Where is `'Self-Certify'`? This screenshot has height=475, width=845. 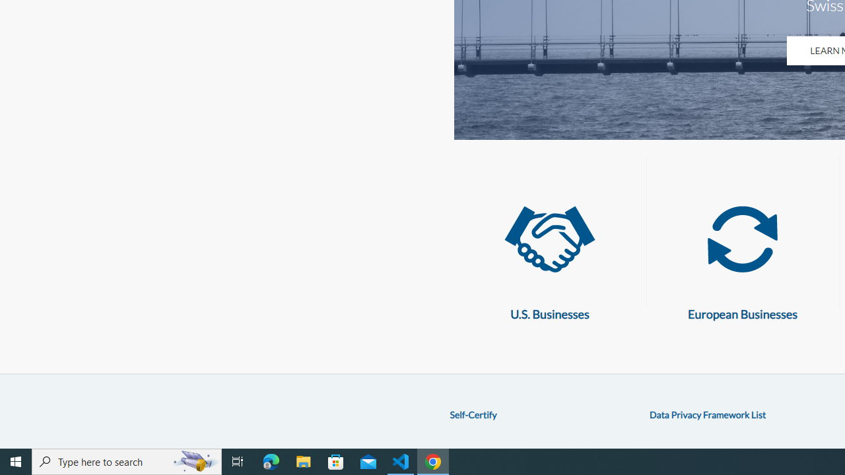 'Self-Certify' is located at coordinates (473, 414).